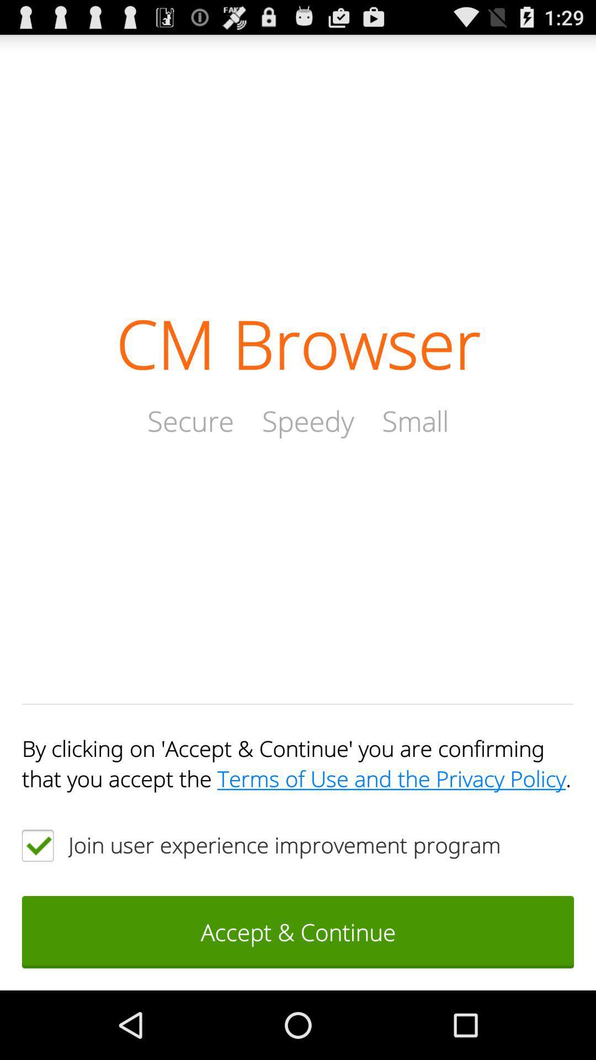  Describe the element at coordinates (37, 845) in the screenshot. I see `do not sign up for user experience improvement program` at that location.